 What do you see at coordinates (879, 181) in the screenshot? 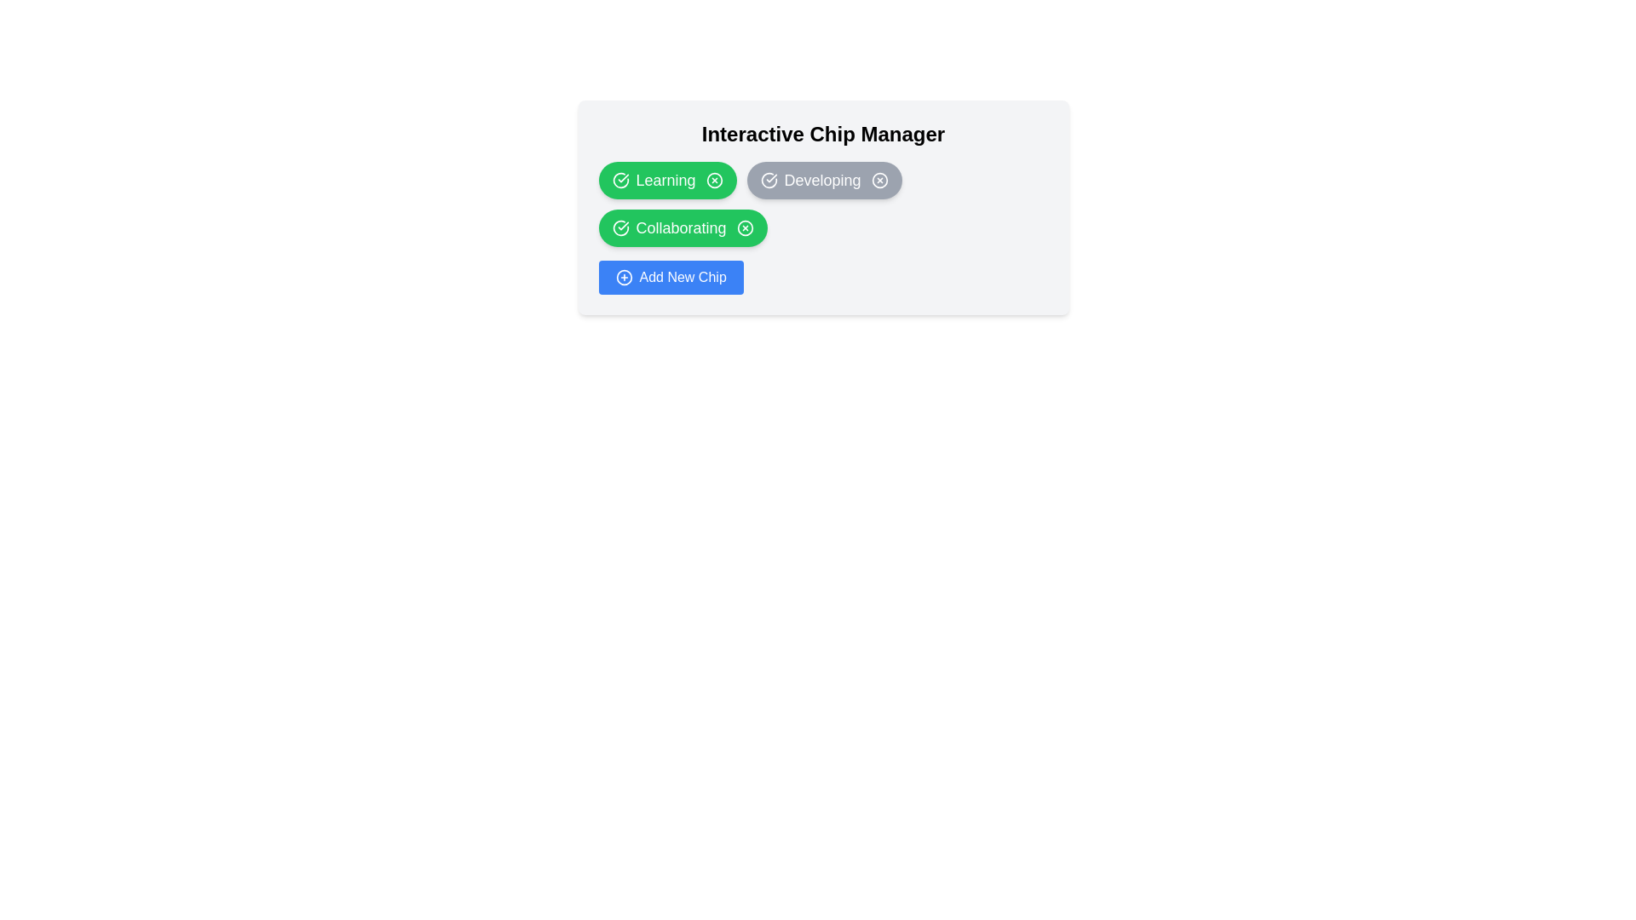
I see `the circular button-like UI component integrated into the chip labeled 'Developing'` at bounding box center [879, 181].